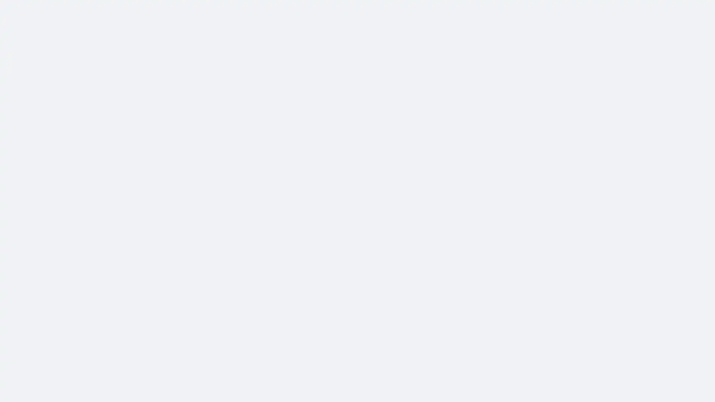  Describe the element at coordinates (427, 290) in the screenshot. I see `Comment` at that location.